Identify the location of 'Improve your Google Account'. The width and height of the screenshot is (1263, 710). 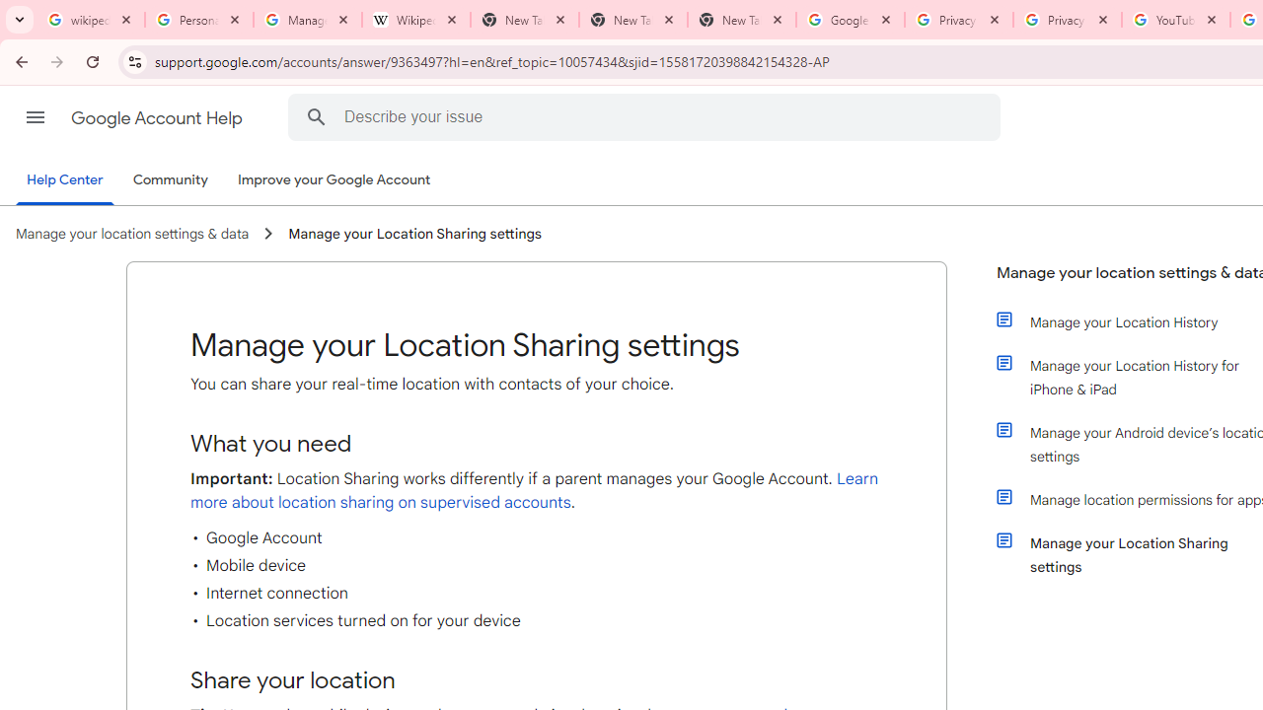
(334, 180).